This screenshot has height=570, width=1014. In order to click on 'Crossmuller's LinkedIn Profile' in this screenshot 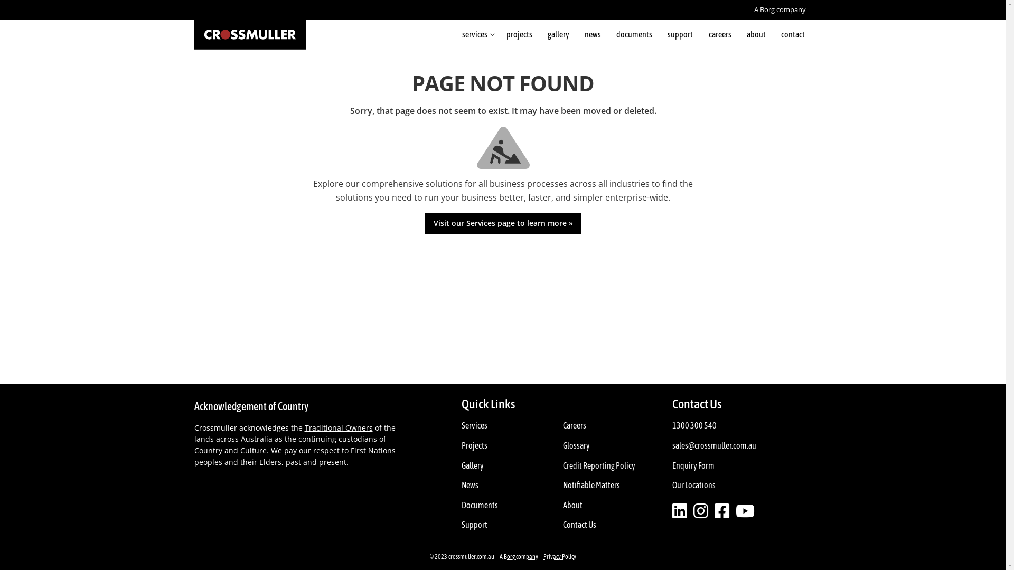, I will do `click(671, 510)`.